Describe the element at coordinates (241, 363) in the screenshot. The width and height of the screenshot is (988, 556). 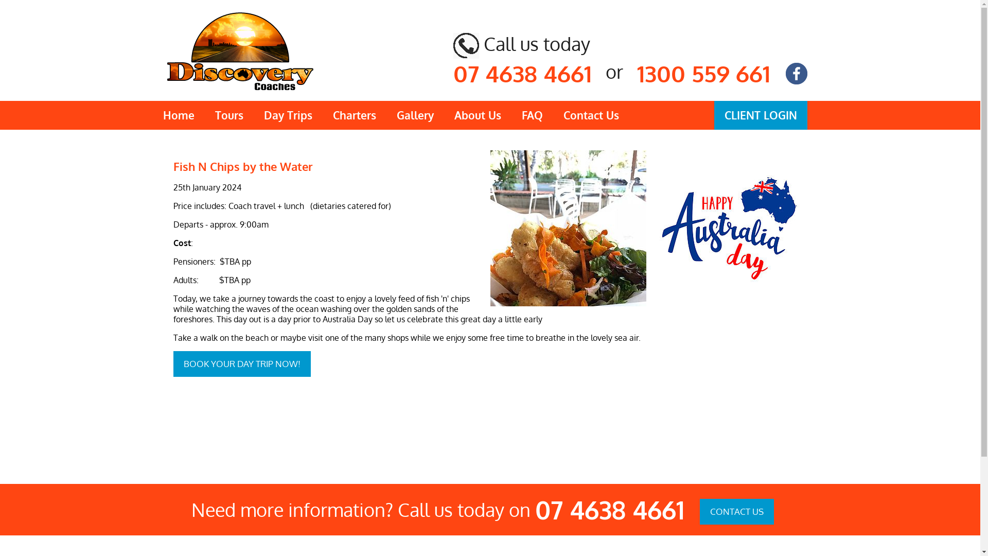
I see `'BOOK YOUR DAY TRIP NOW!'` at that location.